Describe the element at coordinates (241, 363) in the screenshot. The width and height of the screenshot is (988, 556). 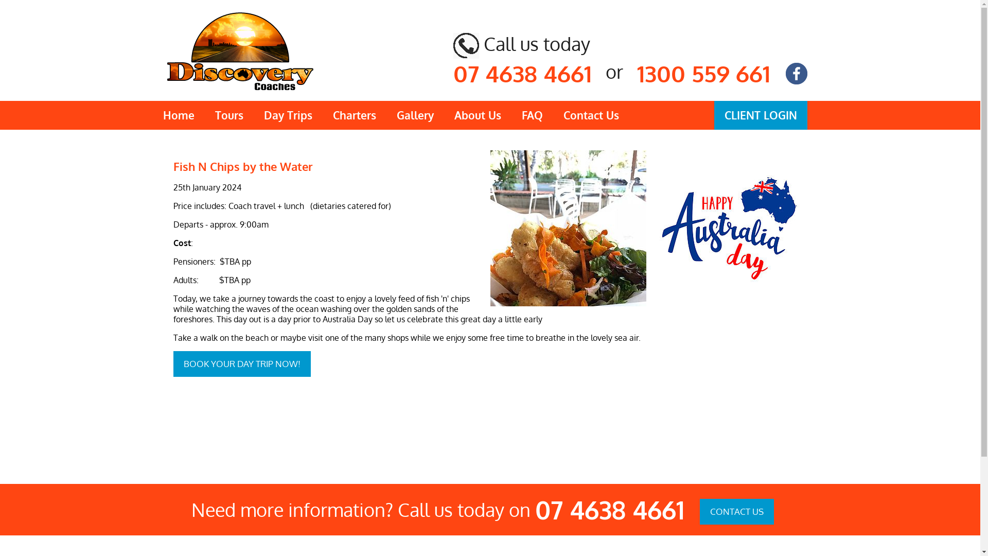
I see `'BOOK YOUR DAY TRIP NOW!'` at that location.